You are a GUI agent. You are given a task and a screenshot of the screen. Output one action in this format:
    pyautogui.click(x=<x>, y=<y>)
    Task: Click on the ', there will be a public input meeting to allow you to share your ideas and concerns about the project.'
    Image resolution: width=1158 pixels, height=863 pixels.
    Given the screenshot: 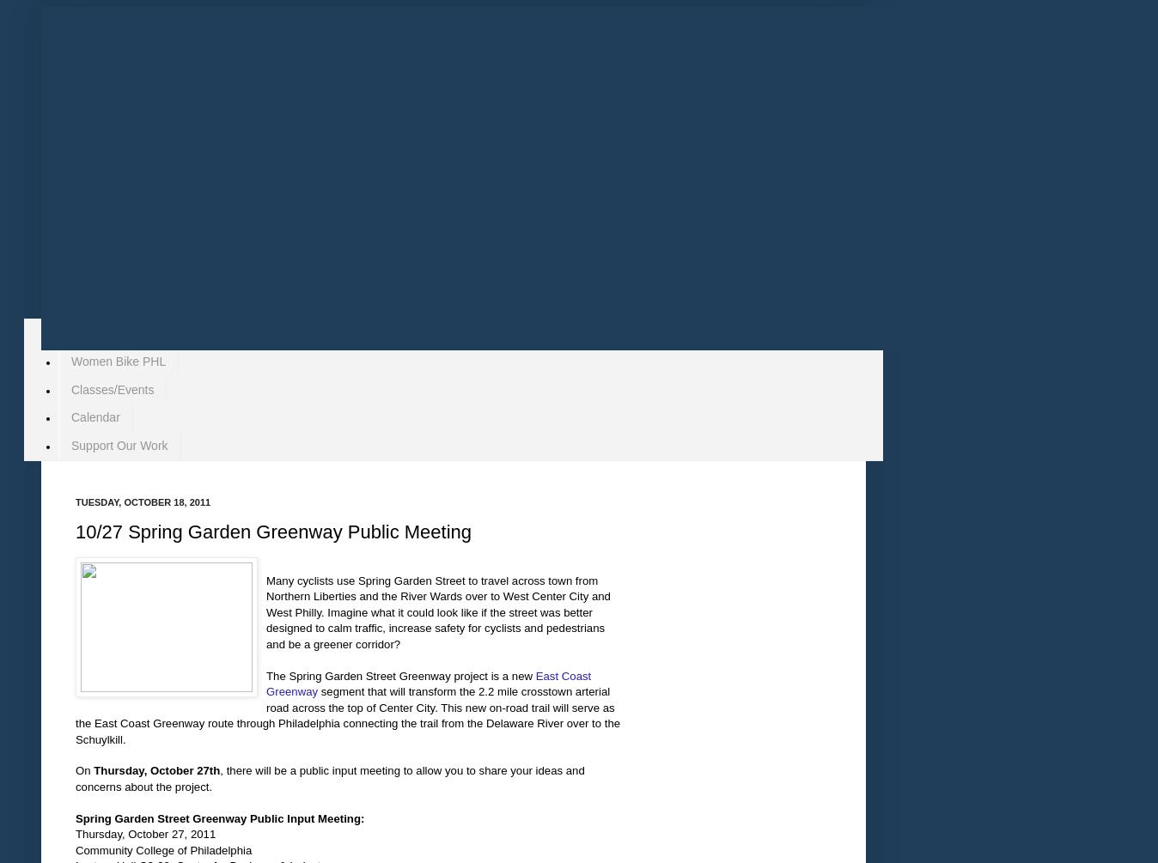 What is the action you would take?
    pyautogui.click(x=329, y=777)
    